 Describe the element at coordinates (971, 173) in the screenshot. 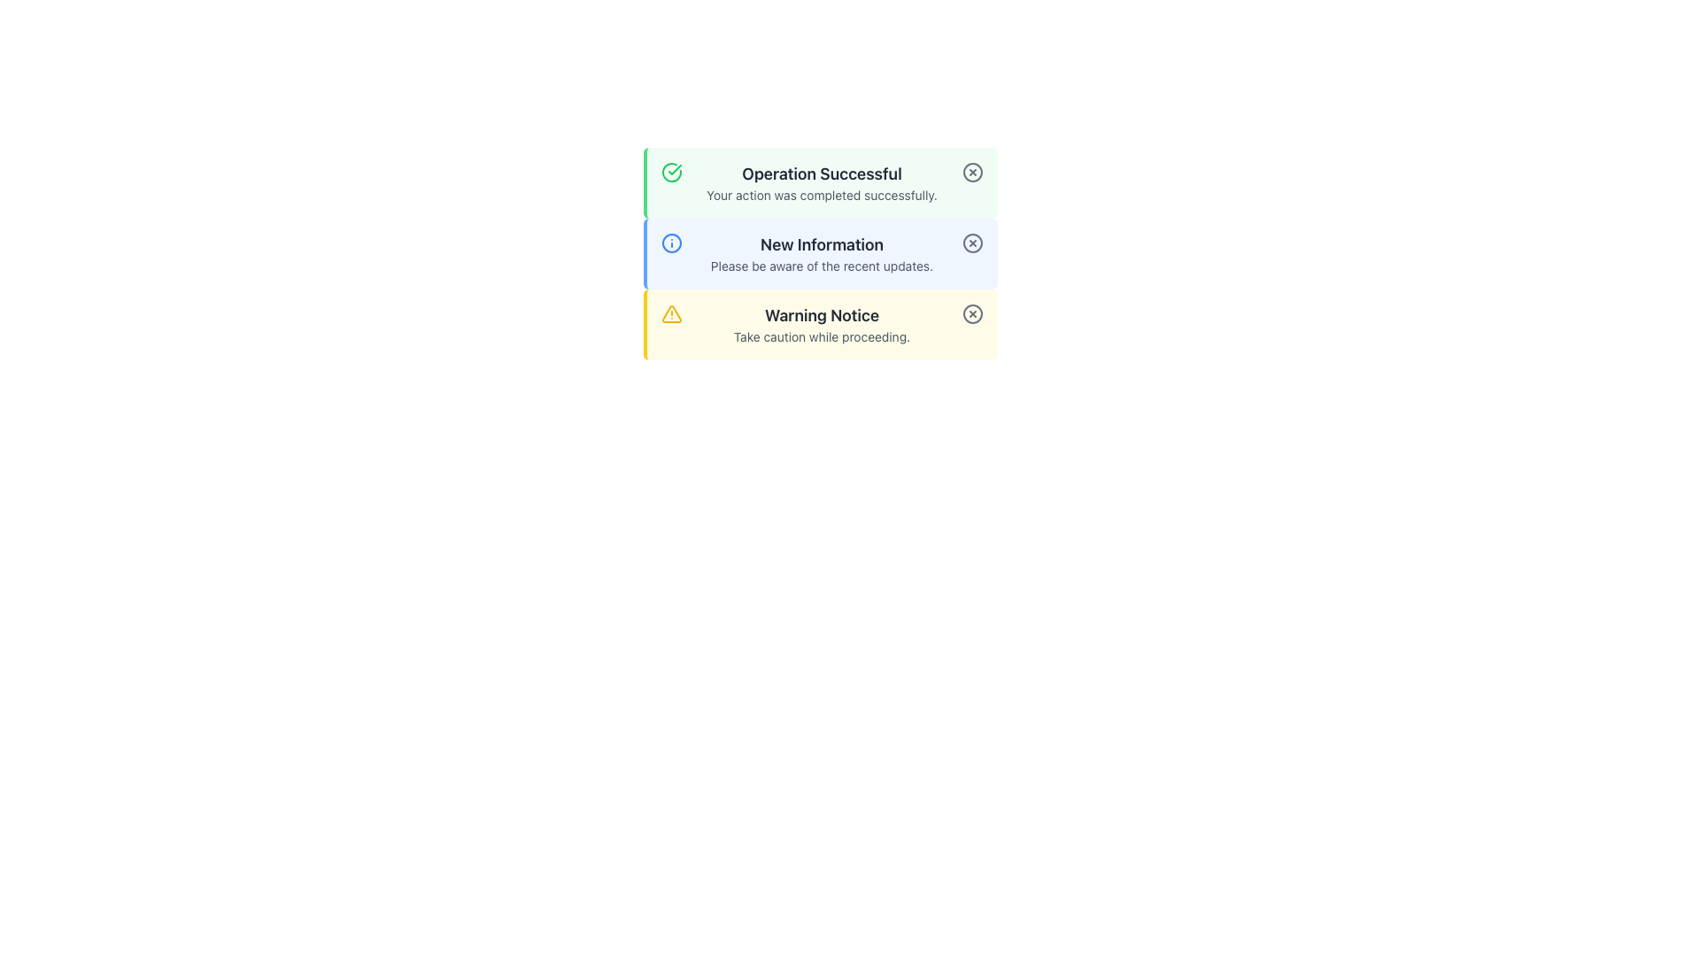

I see `the circular close button in the topmost 'Operation Successful' notification bar` at that location.